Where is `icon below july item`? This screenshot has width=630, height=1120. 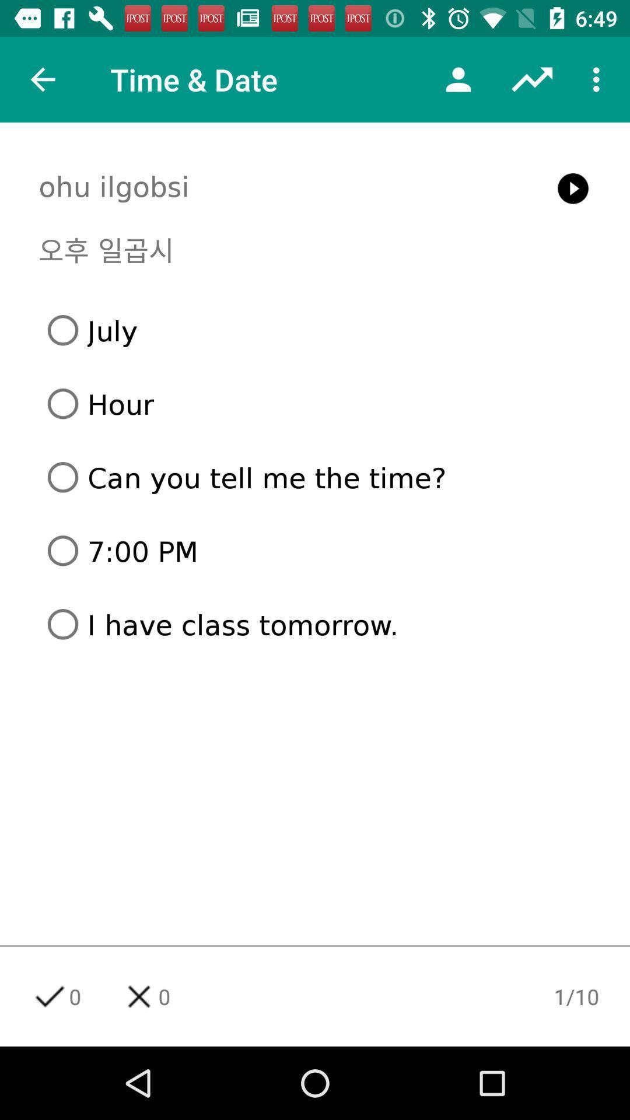 icon below july item is located at coordinates (319, 404).